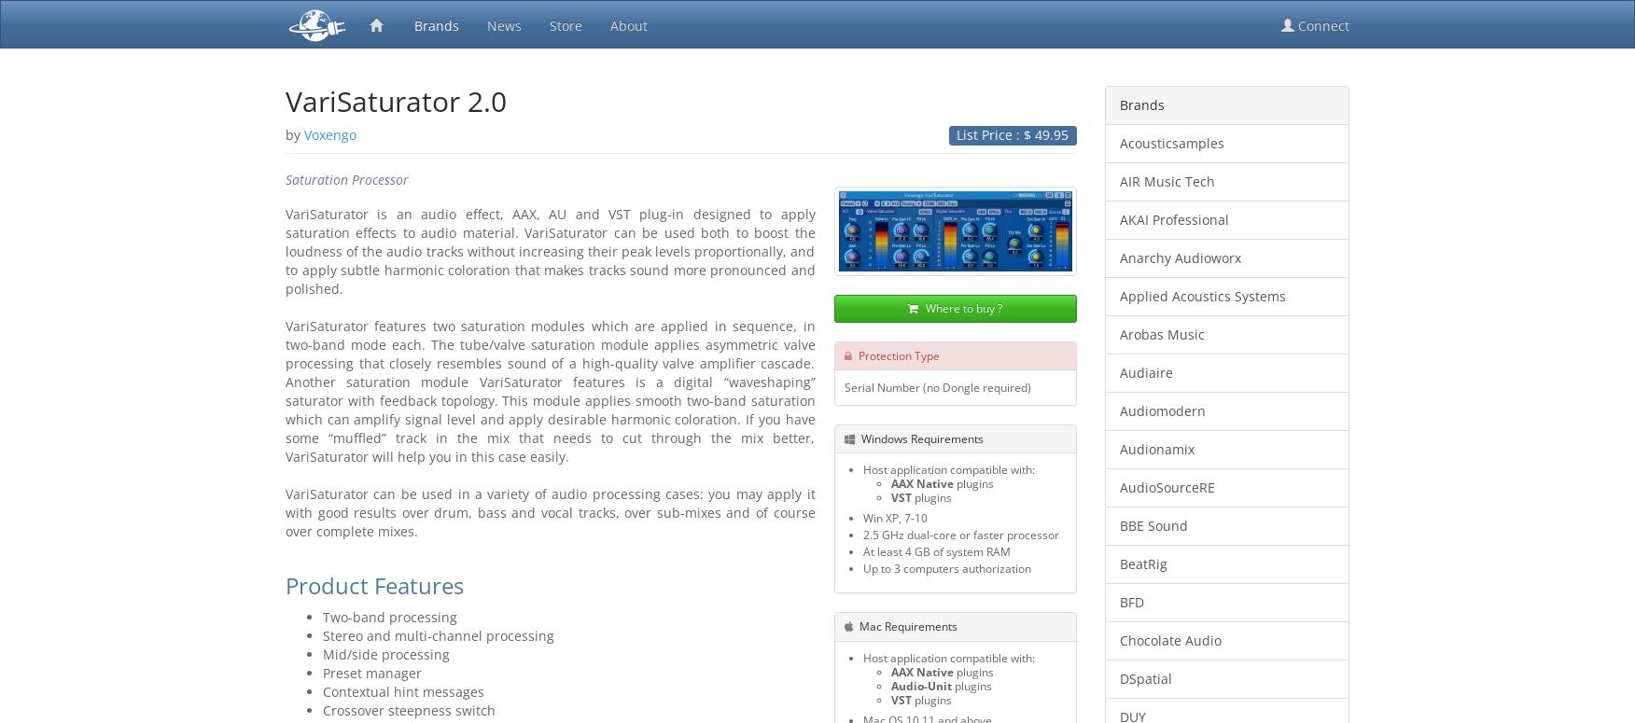  What do you see at coordinates (395, 101) in the screenshot?
I see `'VariSaturator 2.0'` at bounding box center [395, 101].